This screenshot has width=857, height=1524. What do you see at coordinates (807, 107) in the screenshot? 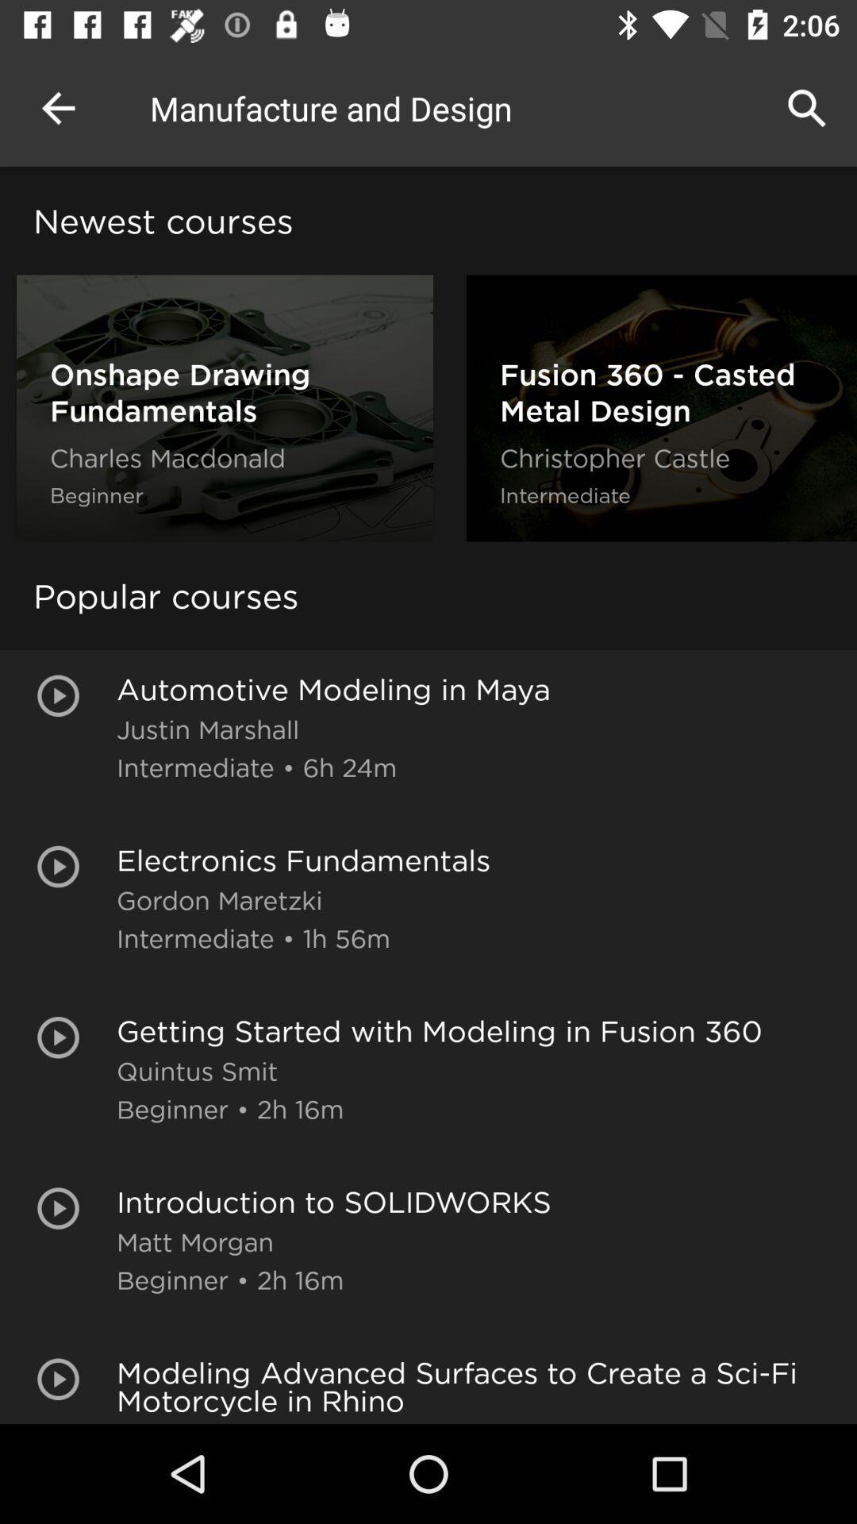
I see `the icon next to manufacture and design item` at bounding box center [807, 107].